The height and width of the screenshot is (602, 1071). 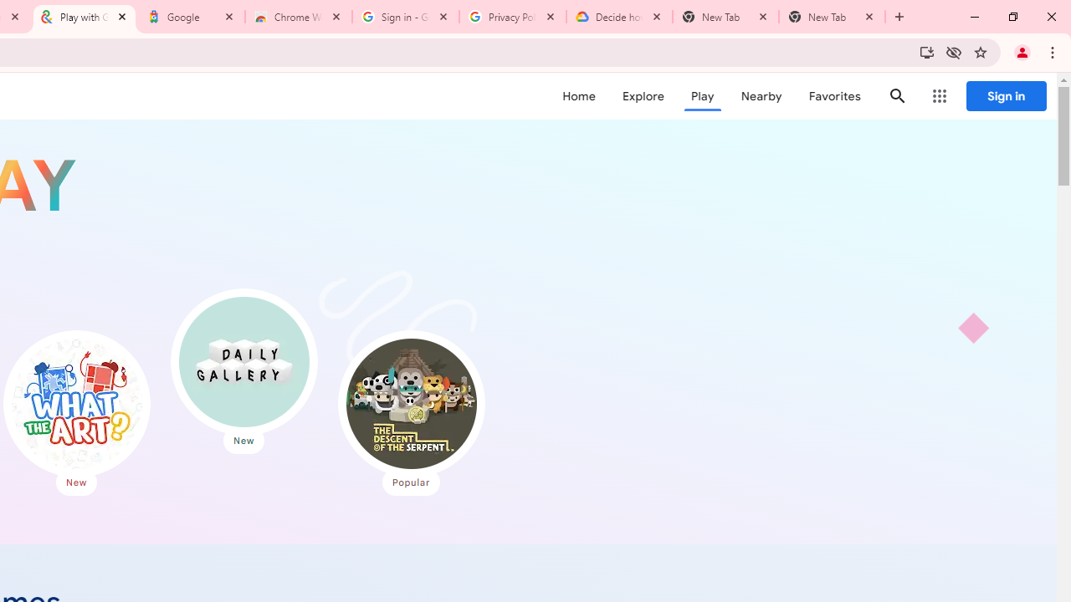 I want to click on 'New Tab', so click(x=832, y=17).